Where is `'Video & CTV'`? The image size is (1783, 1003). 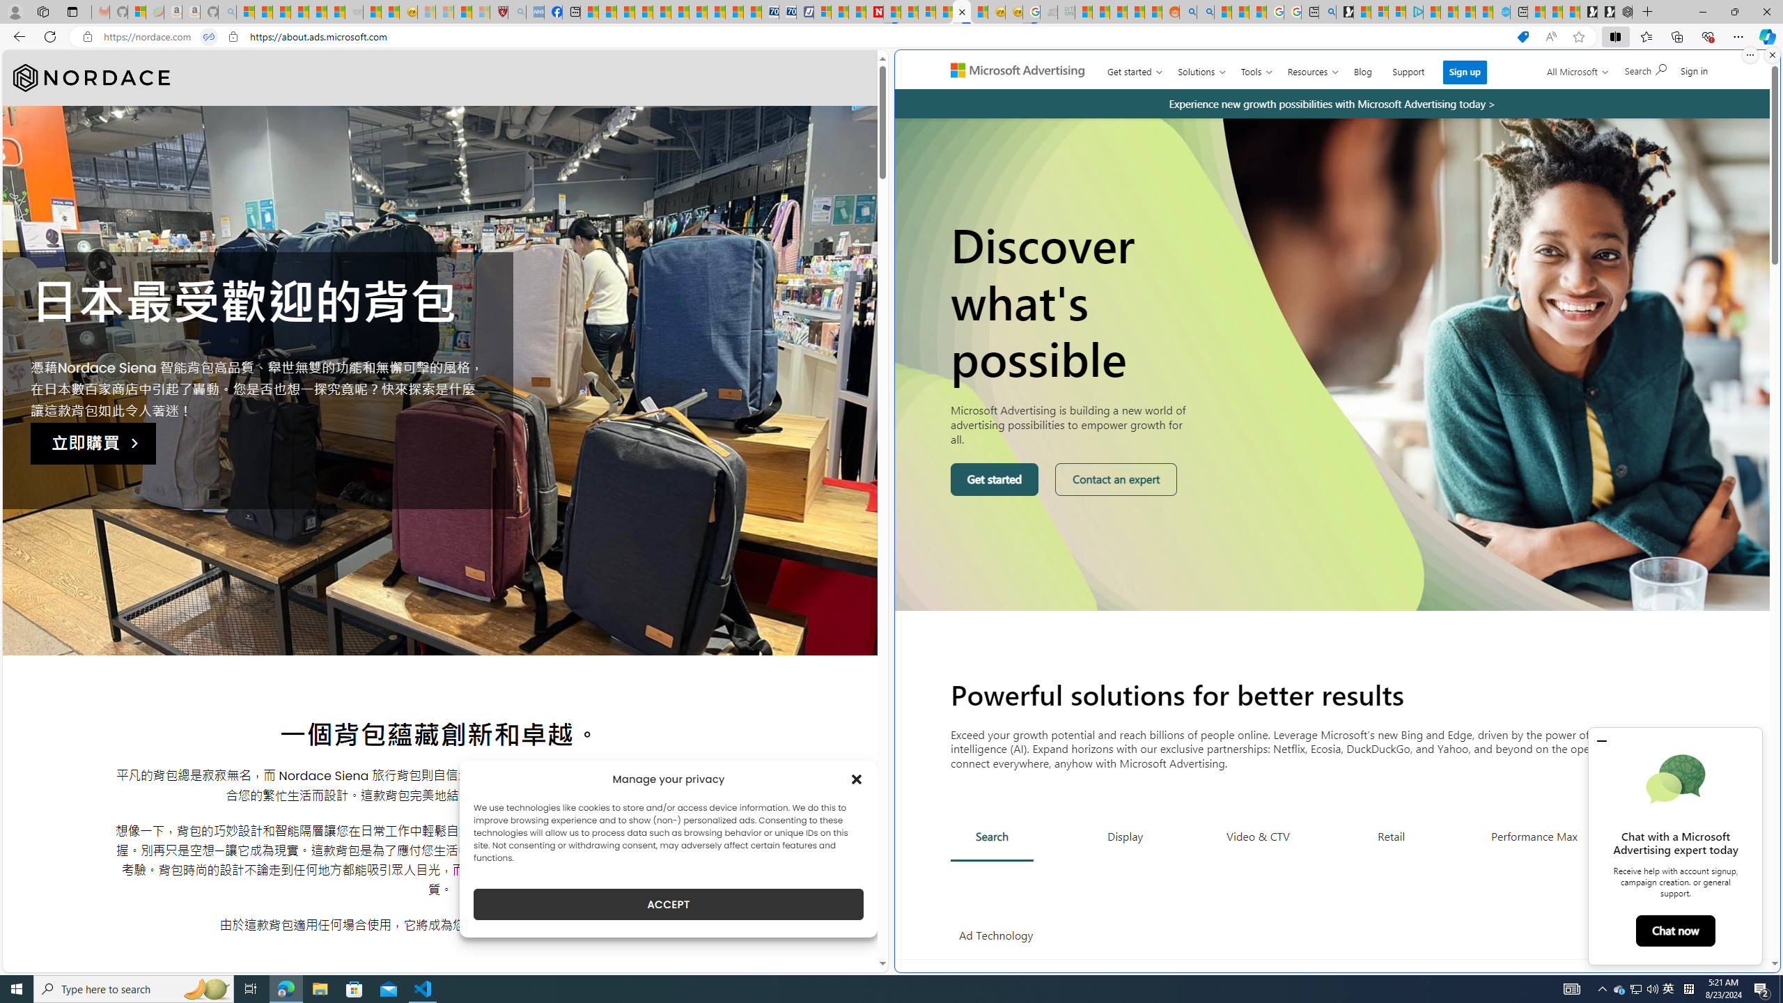
'Video & CTV' is located at coordinates (1257, 835).